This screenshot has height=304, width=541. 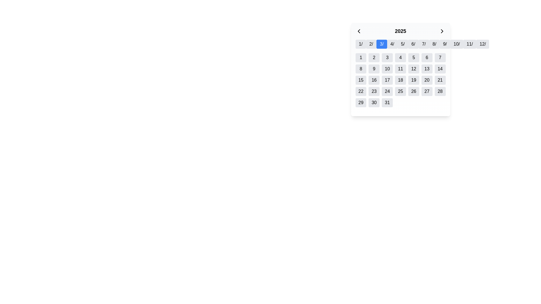 What do you see at coordinates (361, 57) in the screenshot?
I see `the first date button in the calendar grid` at bounding box center [361, 57].